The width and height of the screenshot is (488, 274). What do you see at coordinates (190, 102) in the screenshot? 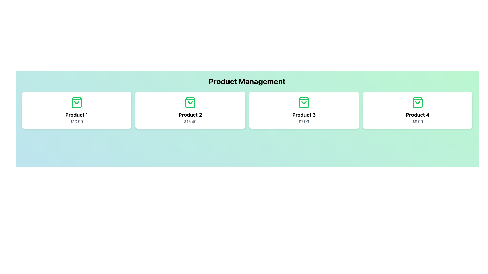
I see `the green shopping bag icon located at the top center of the 'Product 2' card` at bounding box center [190, 102].